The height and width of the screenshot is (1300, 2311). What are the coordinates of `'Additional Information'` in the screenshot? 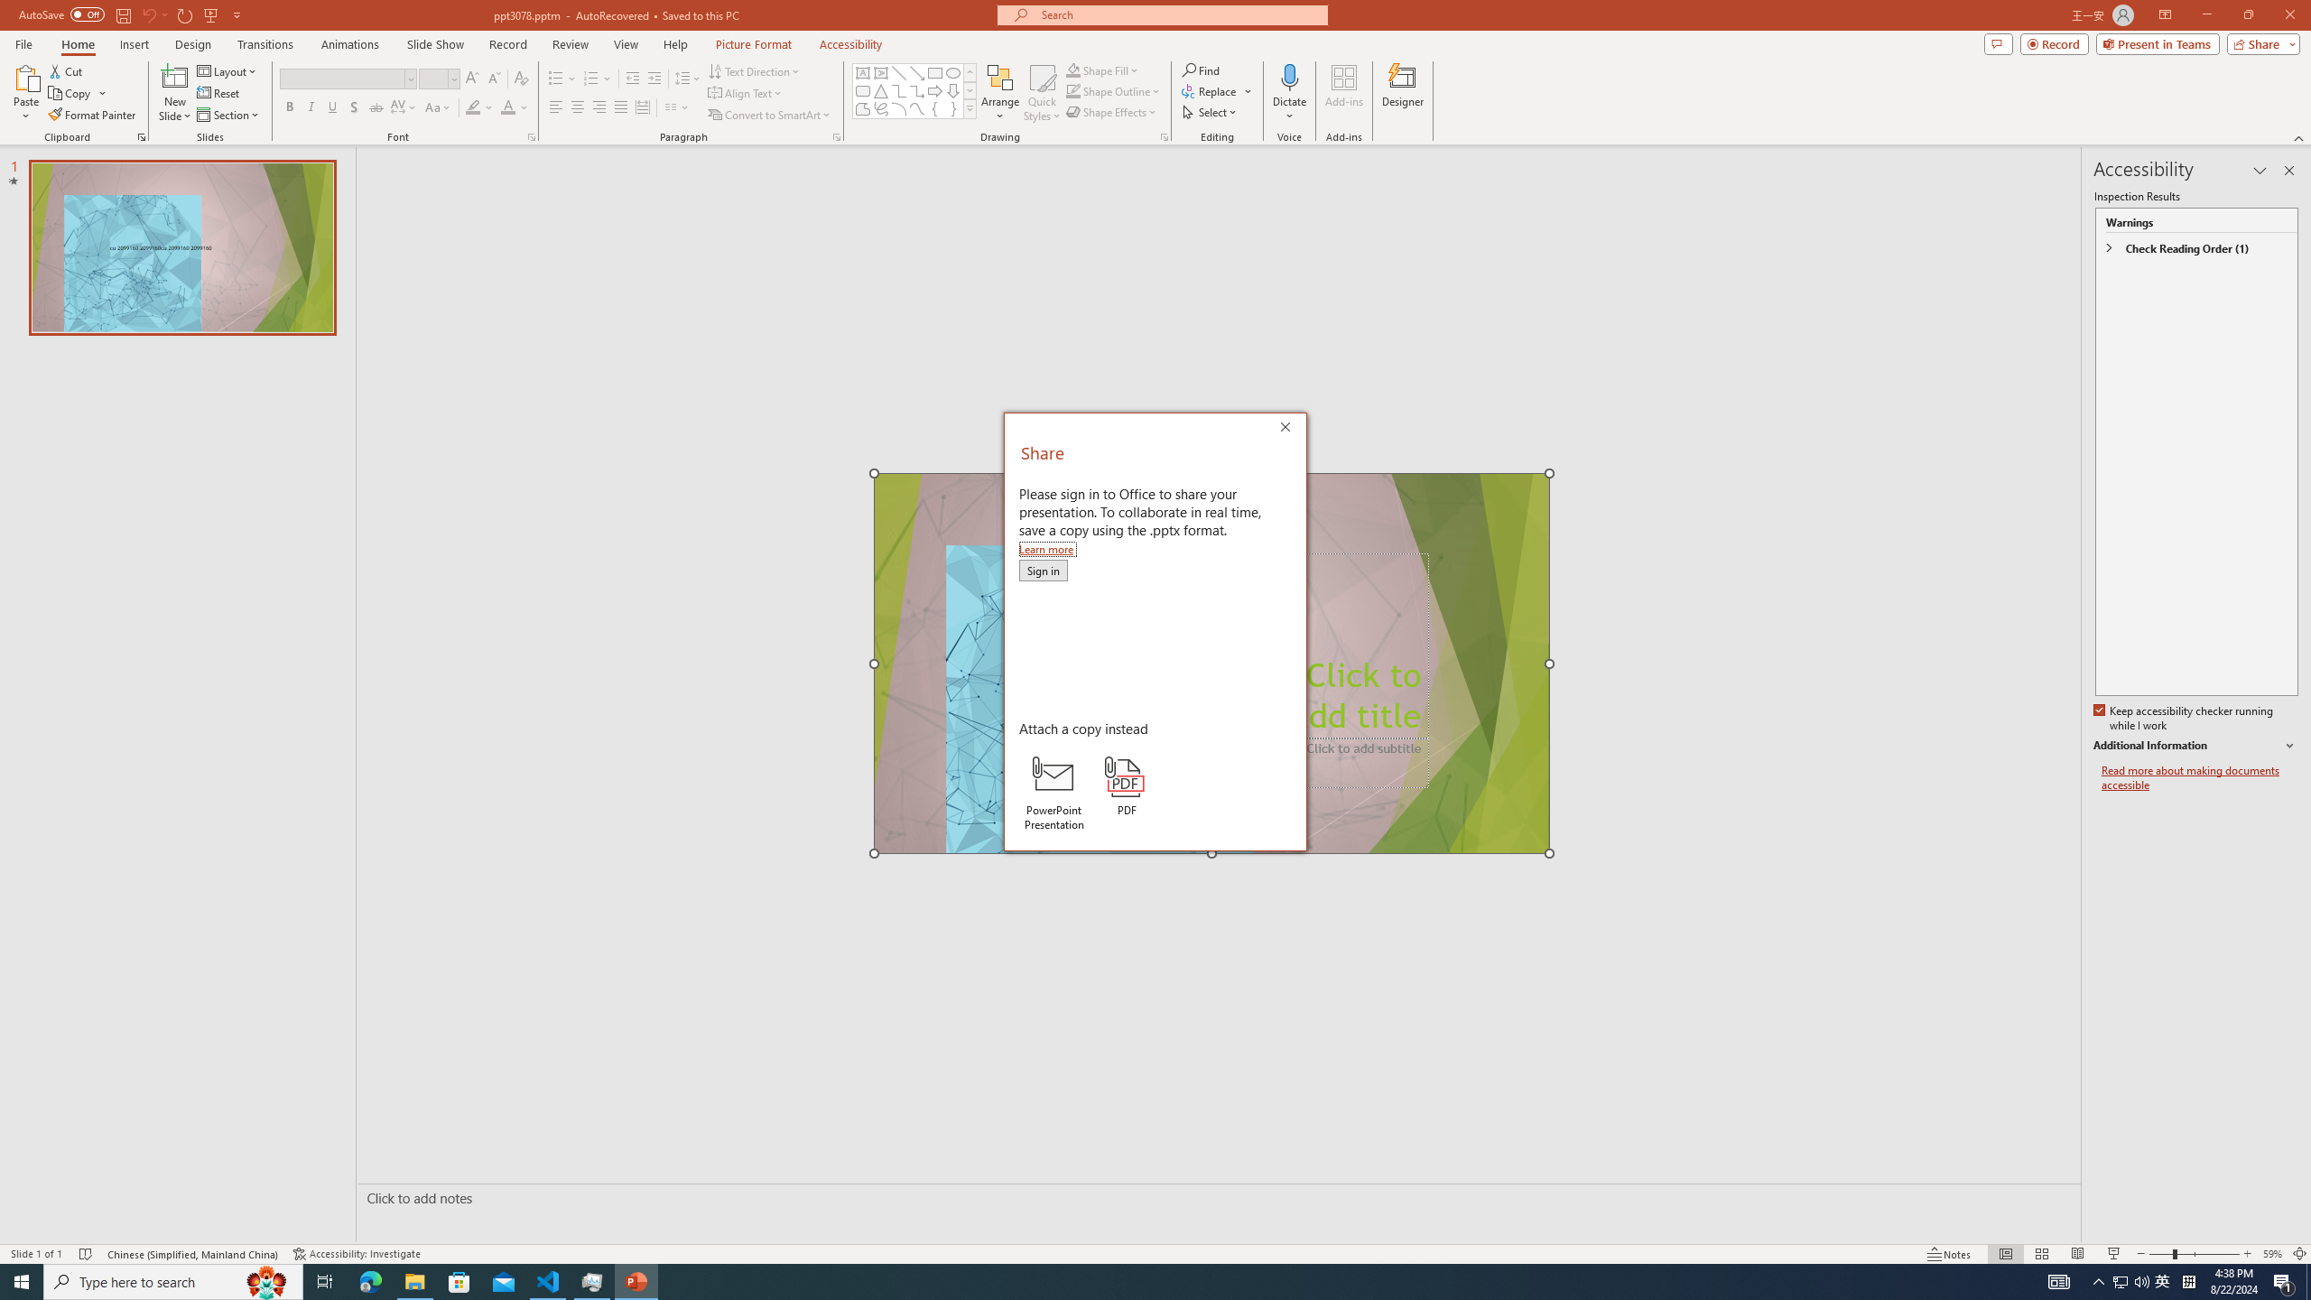 It's located at (2196, 746).